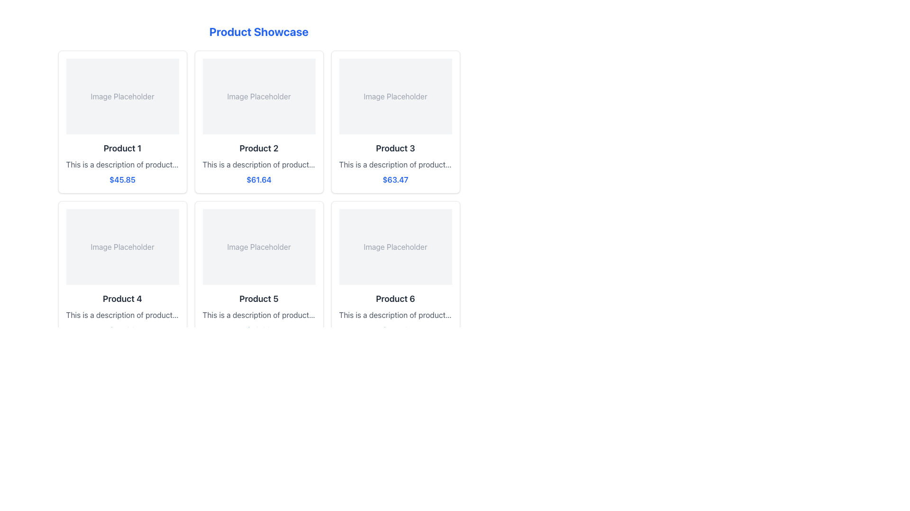  What do you see at coordinates (259, 315) in the screenshot?
I see `text element displaying the description 'This is a description of product 5.' located beneath the title in the card for 'Product 5'` at bounding box center [259, 315].